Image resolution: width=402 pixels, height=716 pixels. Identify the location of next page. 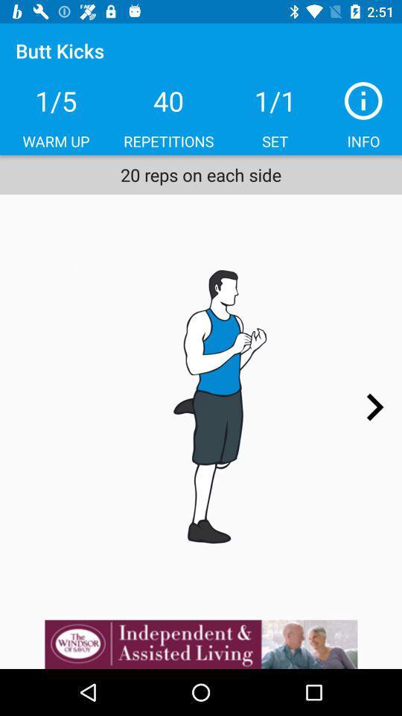
(374, 407).